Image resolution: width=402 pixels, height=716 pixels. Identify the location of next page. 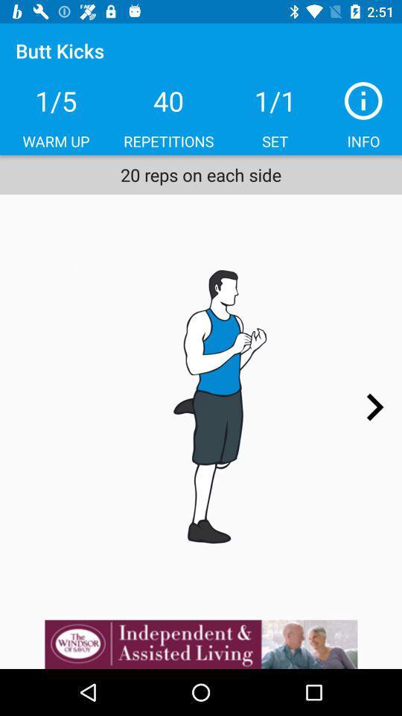
(374, 407).